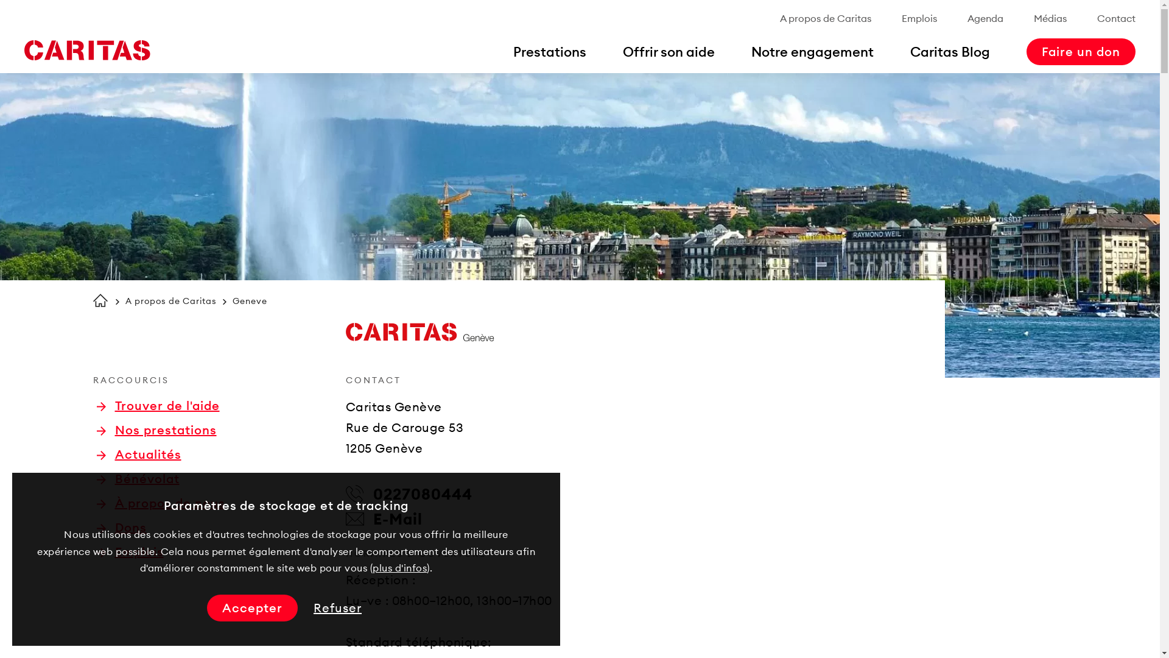 This screenshot has width=1169, height=658. I want to click on 'Accepter', so click(251, 608).